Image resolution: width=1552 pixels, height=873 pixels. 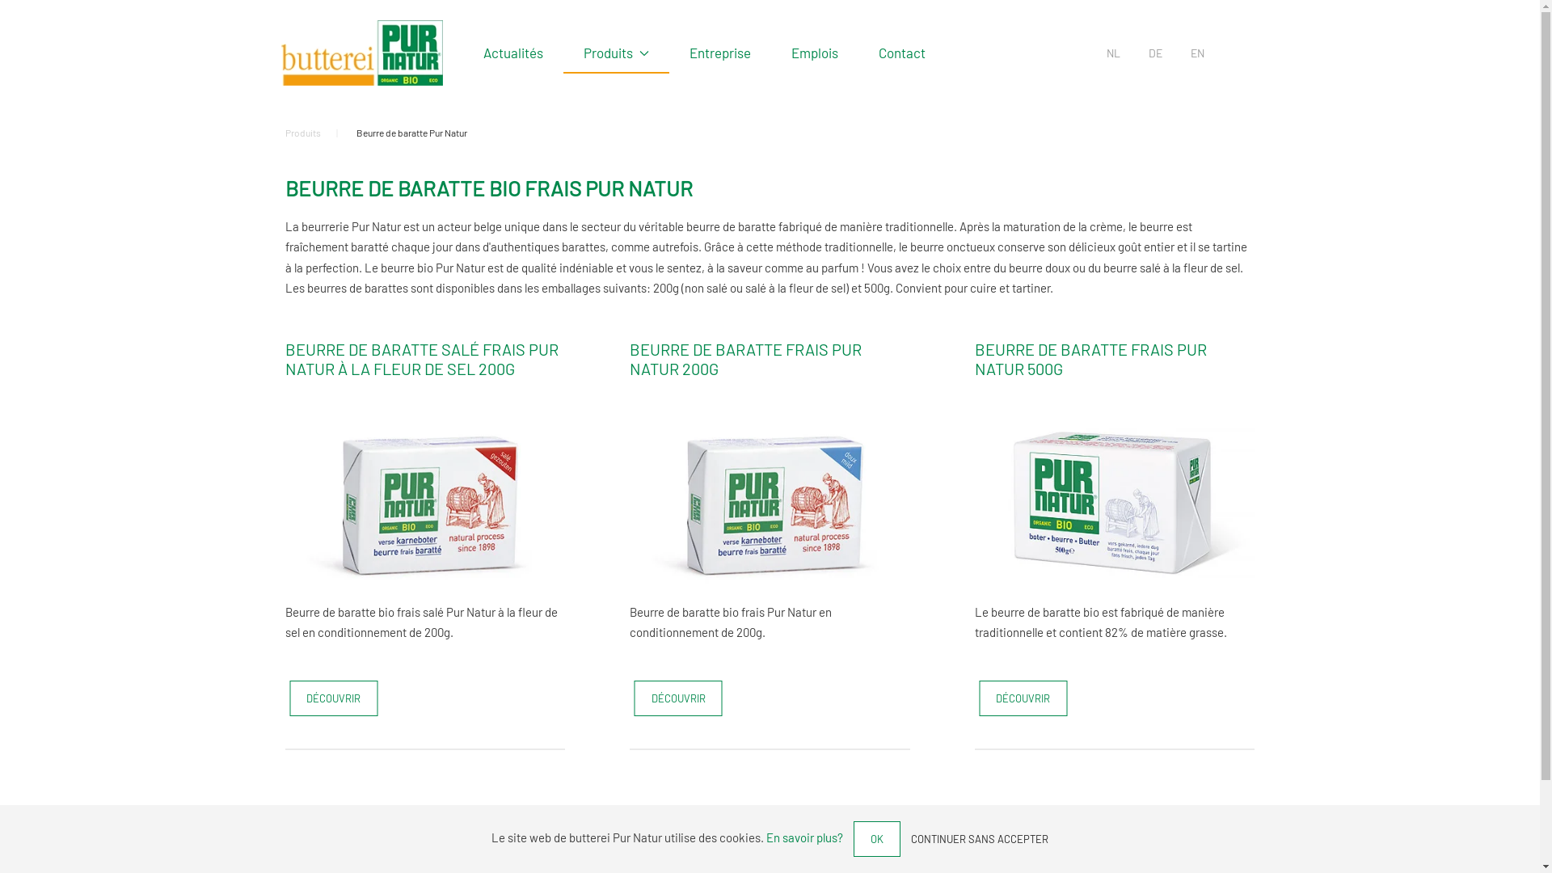 I want to click on 'EN', so click(x=1198, y=52).